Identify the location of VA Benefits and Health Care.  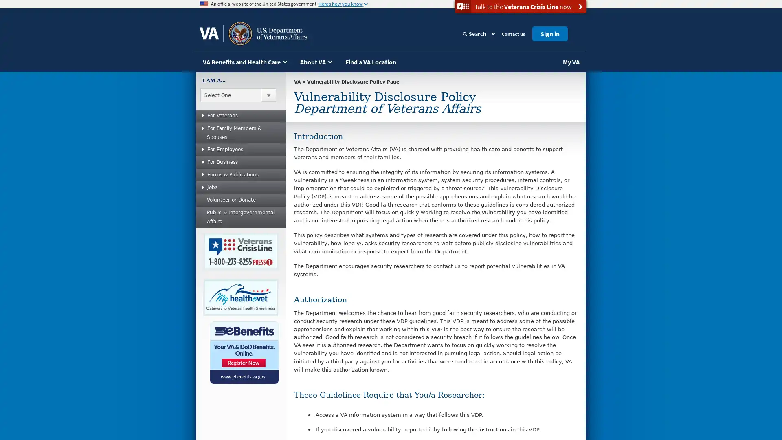
(244, 60).